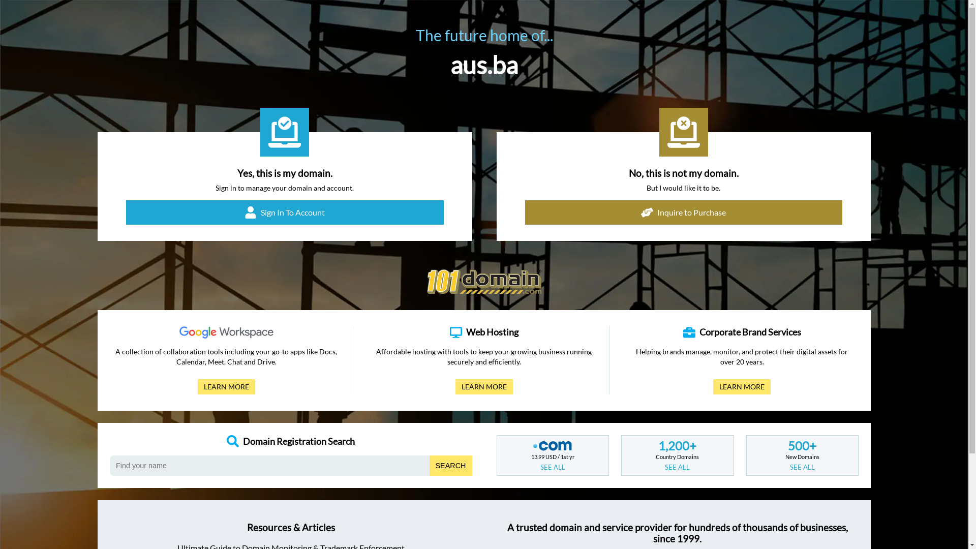  What do you see at coordinates (226, 386) in the screenshot?
I see `'LEARN MORE'` at bounding box center [226, 386].